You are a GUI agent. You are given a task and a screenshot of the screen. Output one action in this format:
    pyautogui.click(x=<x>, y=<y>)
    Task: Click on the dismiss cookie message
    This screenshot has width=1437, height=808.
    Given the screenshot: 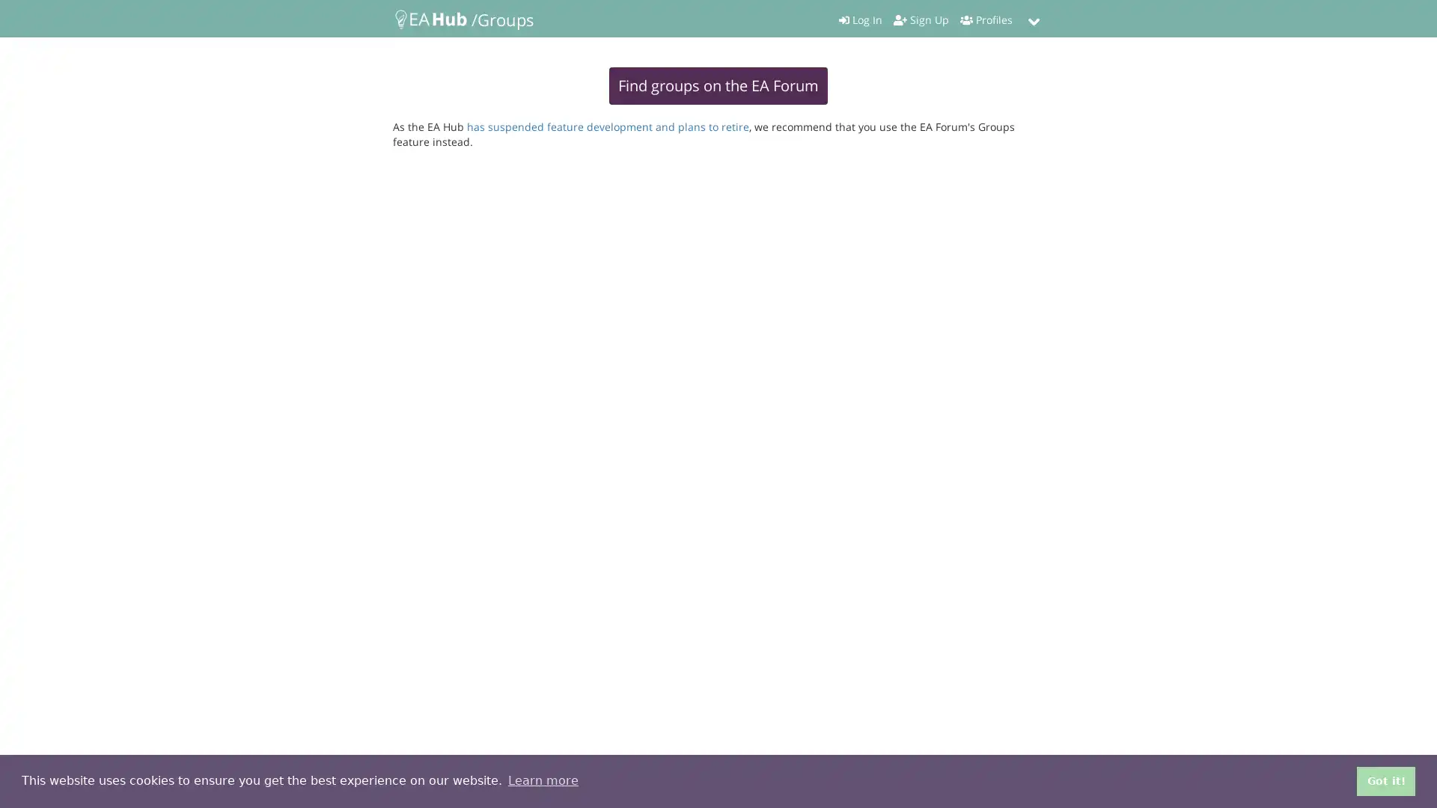 What is the action you would take?
    pyautogui.click(x=1385, y=780)
    